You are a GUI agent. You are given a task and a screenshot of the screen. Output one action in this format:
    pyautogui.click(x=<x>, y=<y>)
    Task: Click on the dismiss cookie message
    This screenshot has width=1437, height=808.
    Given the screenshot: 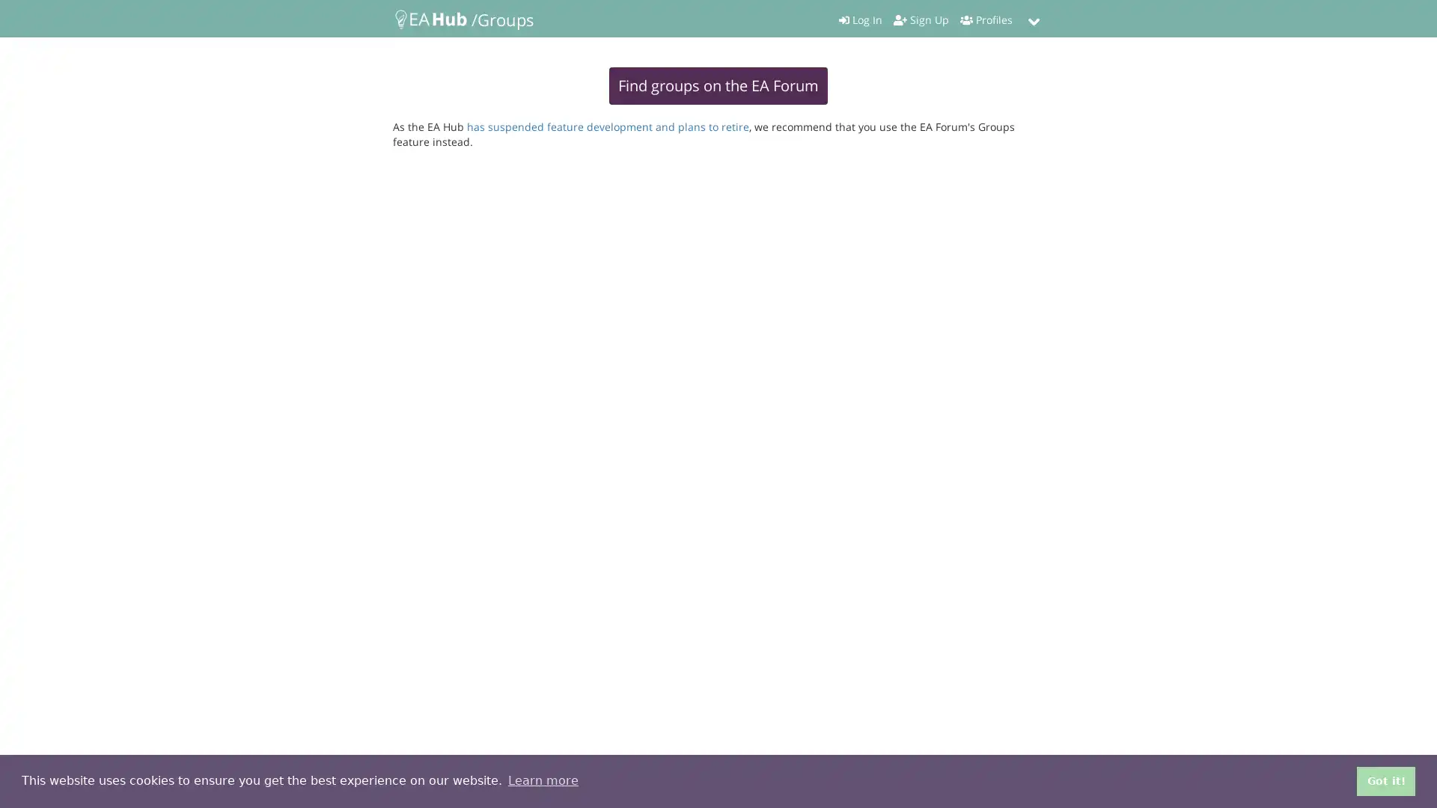 What is the action you would take?
    pyautogui.click(x=1385, y=780)
    